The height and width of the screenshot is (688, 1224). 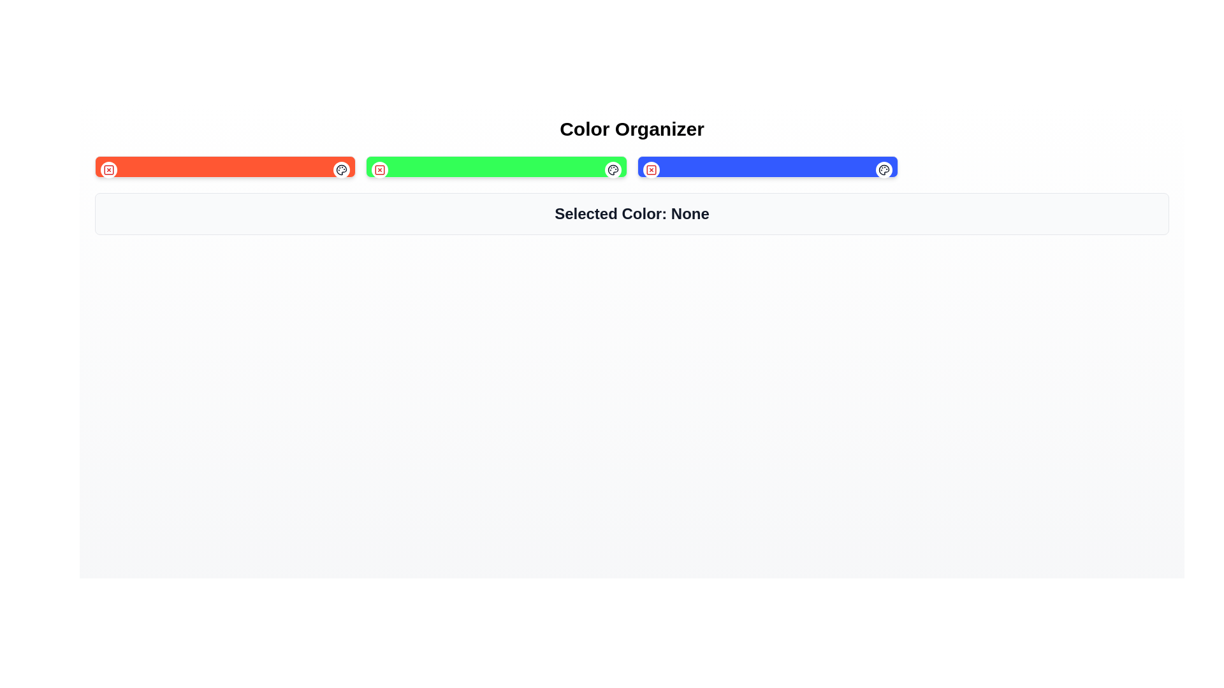 What do you see at coordinates (379, 169) in the screenshot?
I see `the red square icon with a white 'X' symbol located inside the green rectangular box` at bounding box center [379, 169].